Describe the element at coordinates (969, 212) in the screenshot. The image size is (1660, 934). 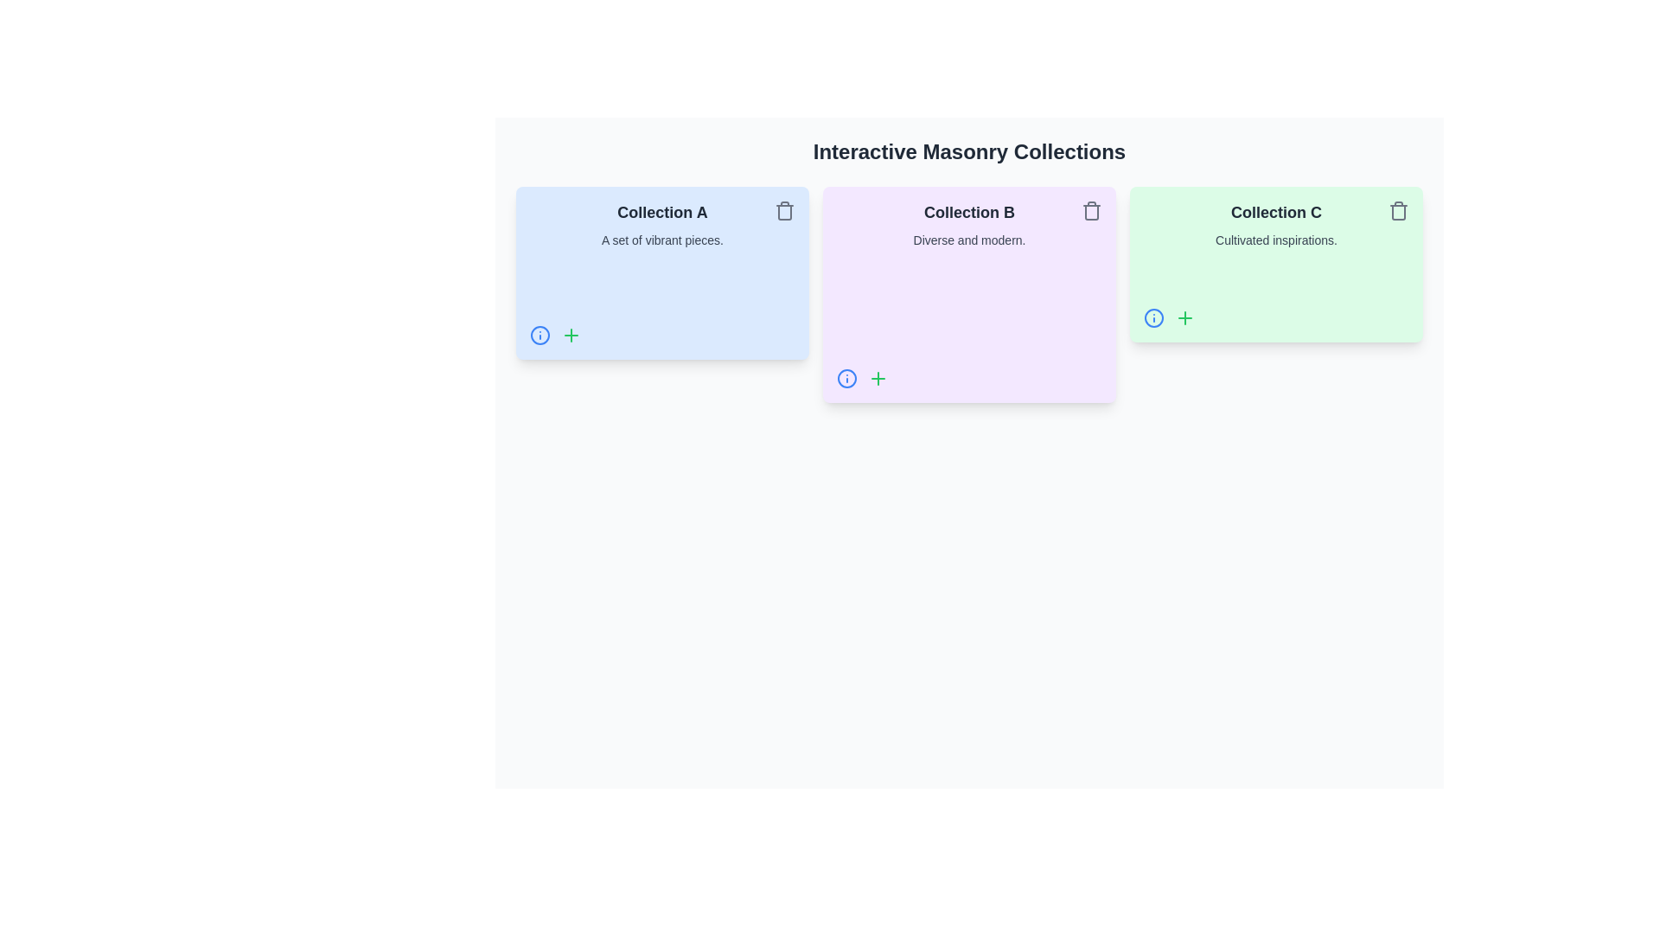
I see `the bold, prominent text 'Collection B' which is styled with a larger font in black color and is positioned at the top-center of a rectangular card with a light purple background` at that location.